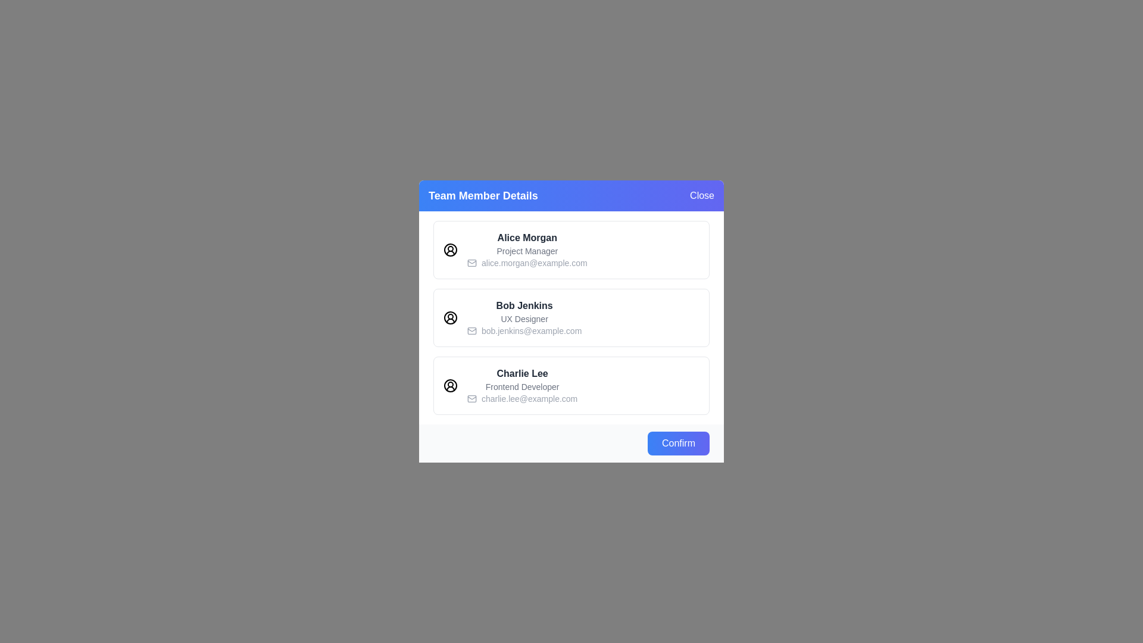  I want to click on the Card item displaying user information for Charlie Lee, so click(522, 386).